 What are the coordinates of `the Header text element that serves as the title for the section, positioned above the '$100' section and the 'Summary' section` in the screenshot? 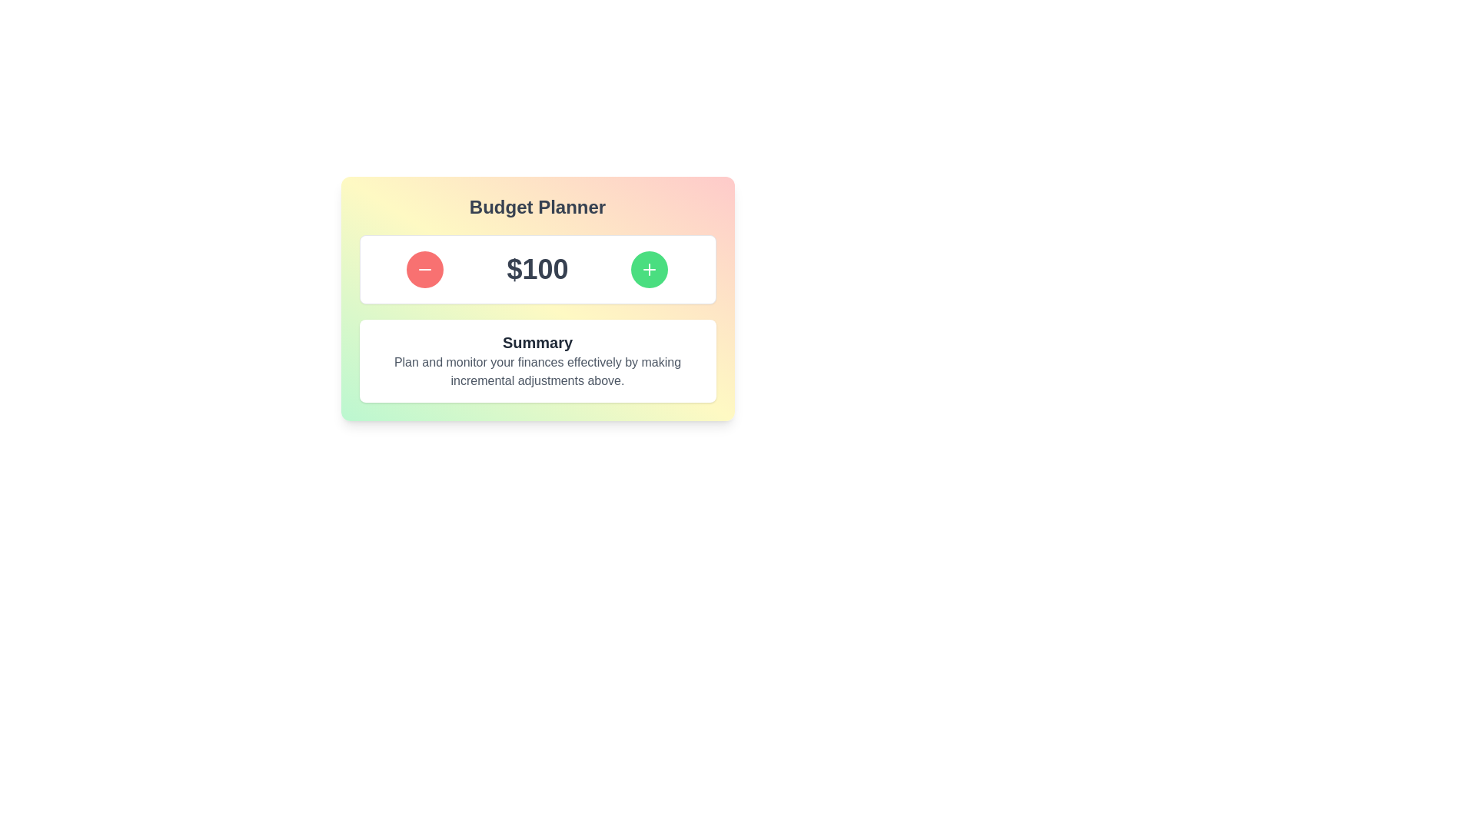 It's located at (537, 207).